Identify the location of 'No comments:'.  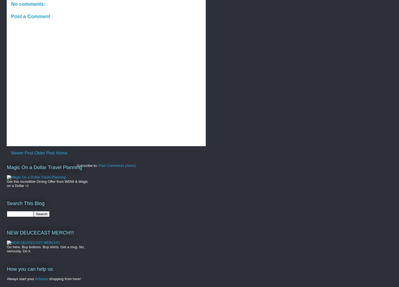
(28, 3).